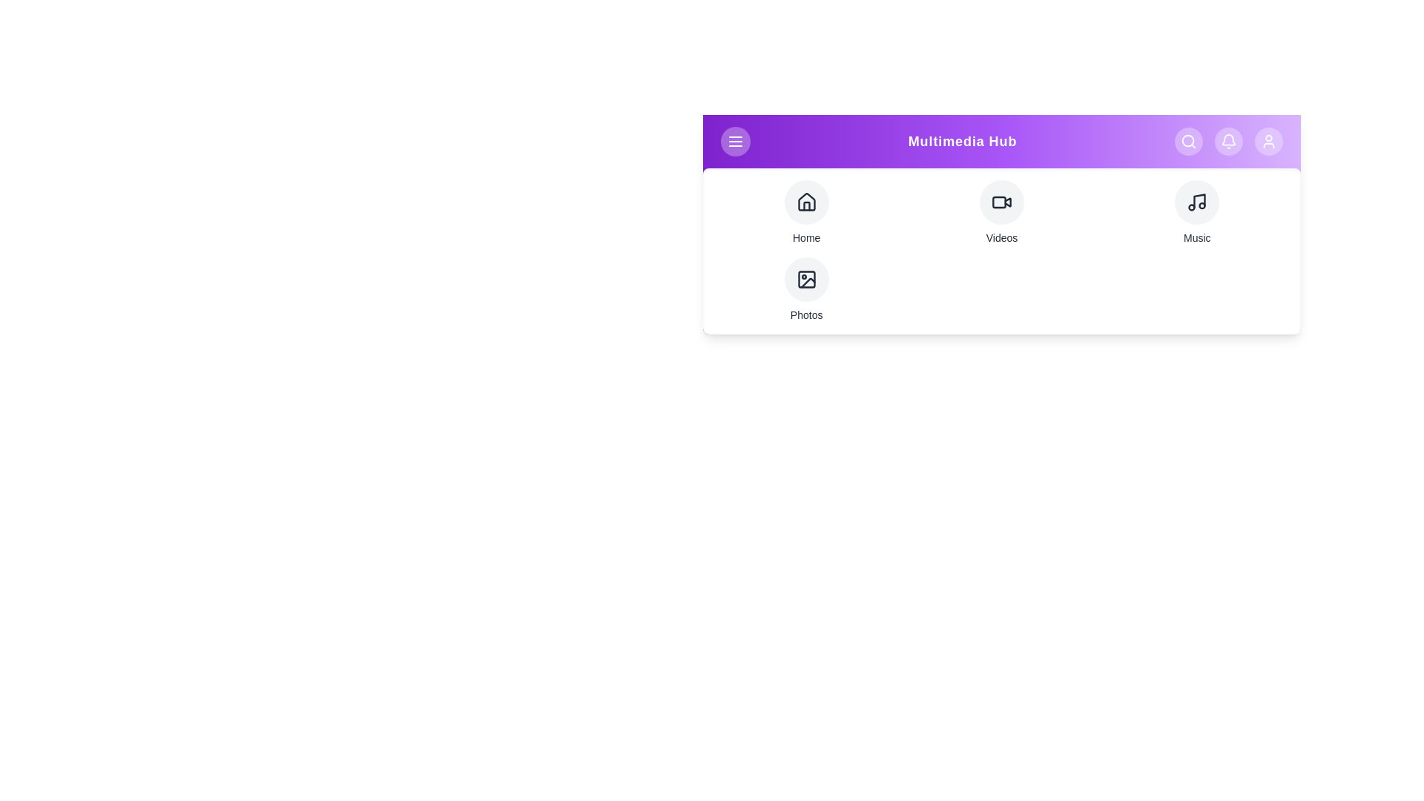  Describe the element at coordinates (1228, 142) in the screenshot. I see `the Notifications button` at that location.